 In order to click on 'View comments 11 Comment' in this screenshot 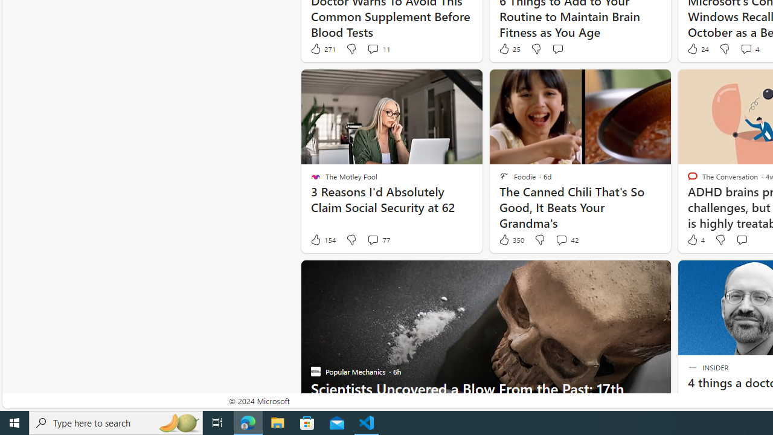, I will do `click(377, 48)`.